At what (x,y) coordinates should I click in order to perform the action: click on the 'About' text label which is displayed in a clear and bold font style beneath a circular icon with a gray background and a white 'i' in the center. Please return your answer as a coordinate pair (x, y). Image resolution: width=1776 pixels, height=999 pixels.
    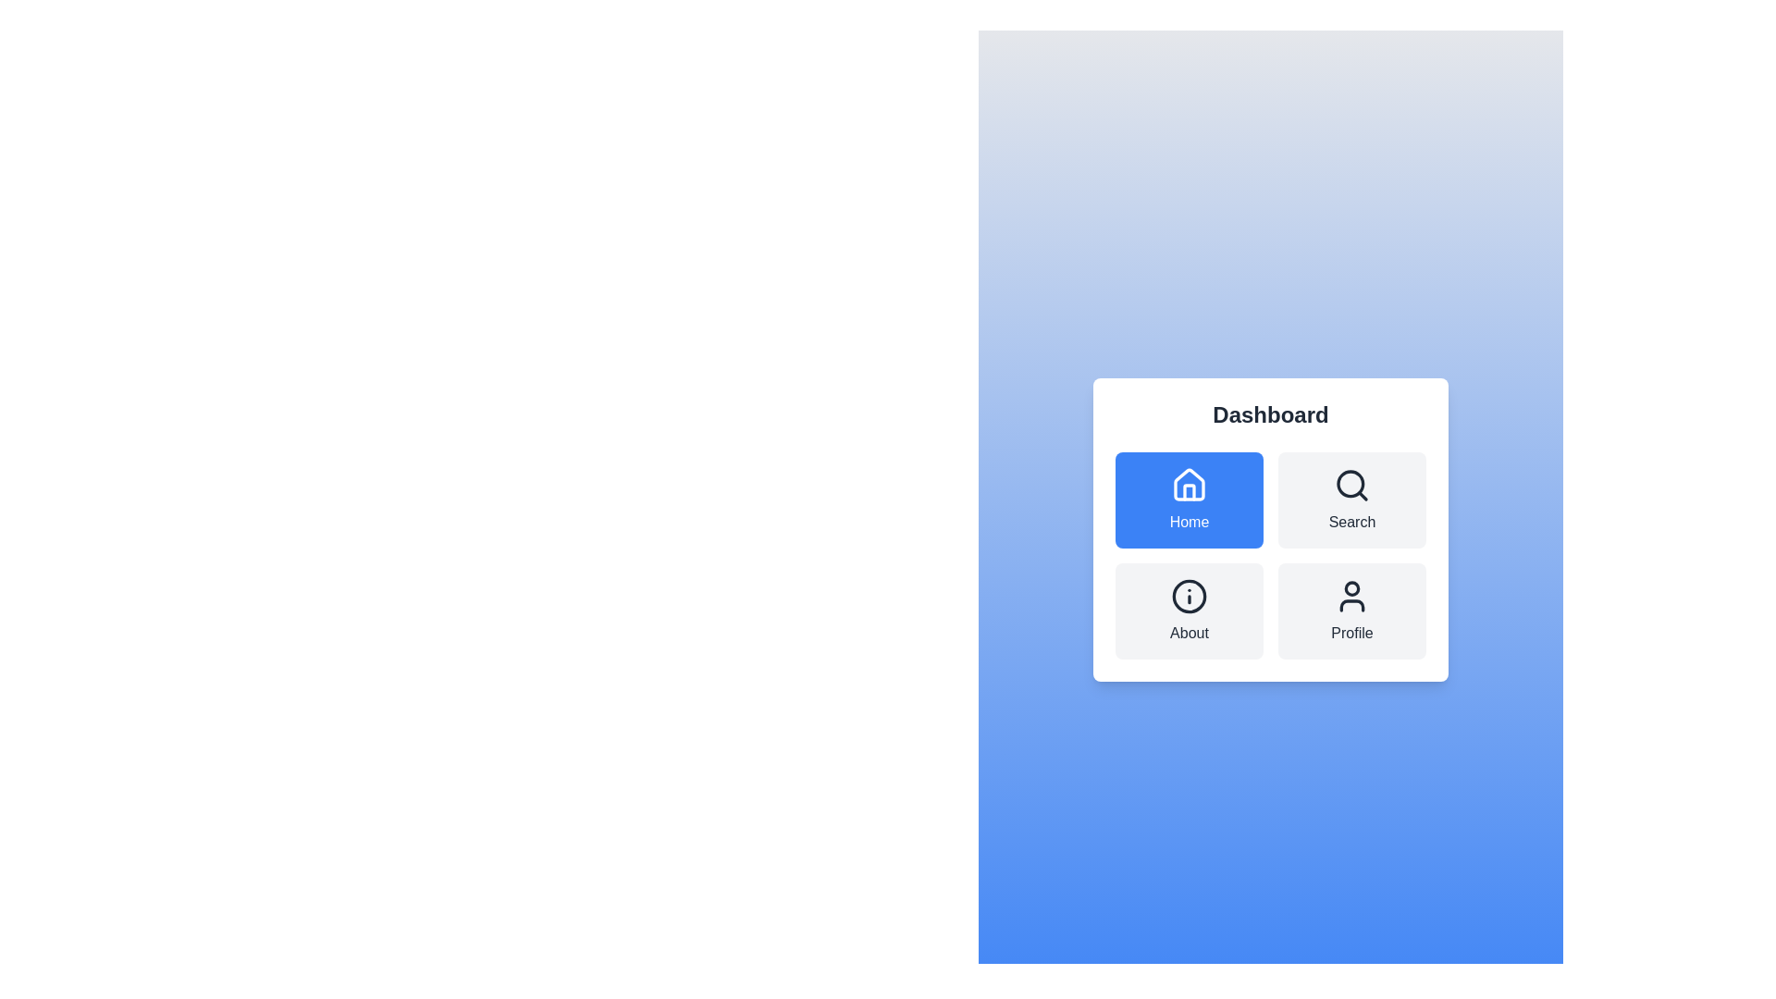
    Looking at the image, I should click on (1190, 633).